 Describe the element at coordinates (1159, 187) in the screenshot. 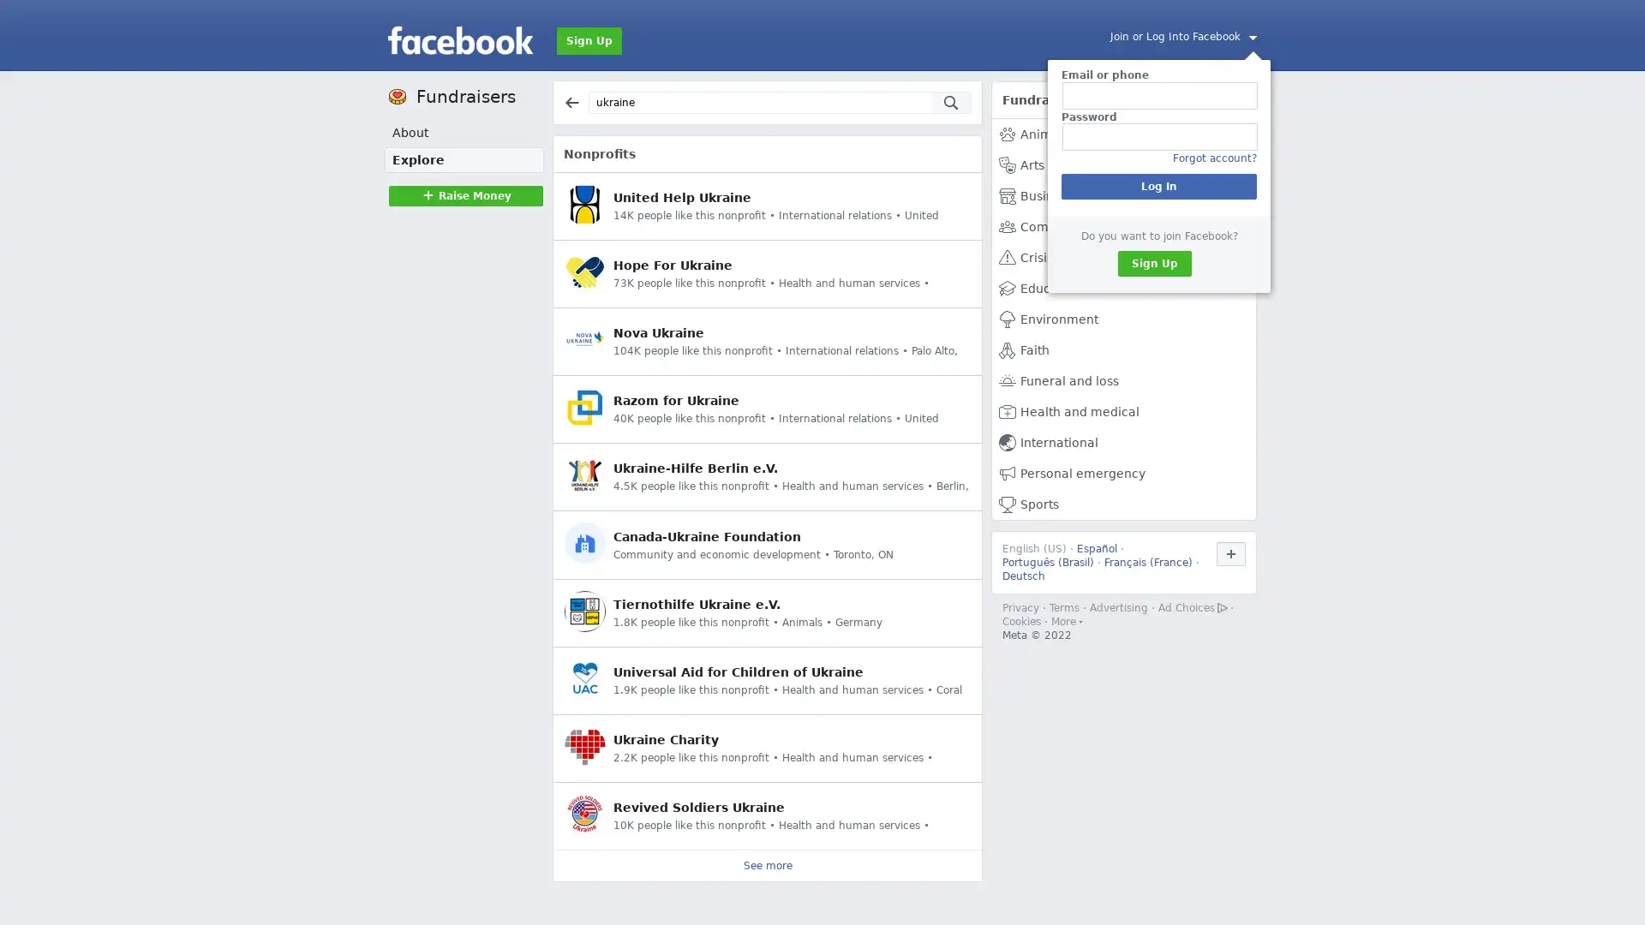

I see `Log In` at that location.